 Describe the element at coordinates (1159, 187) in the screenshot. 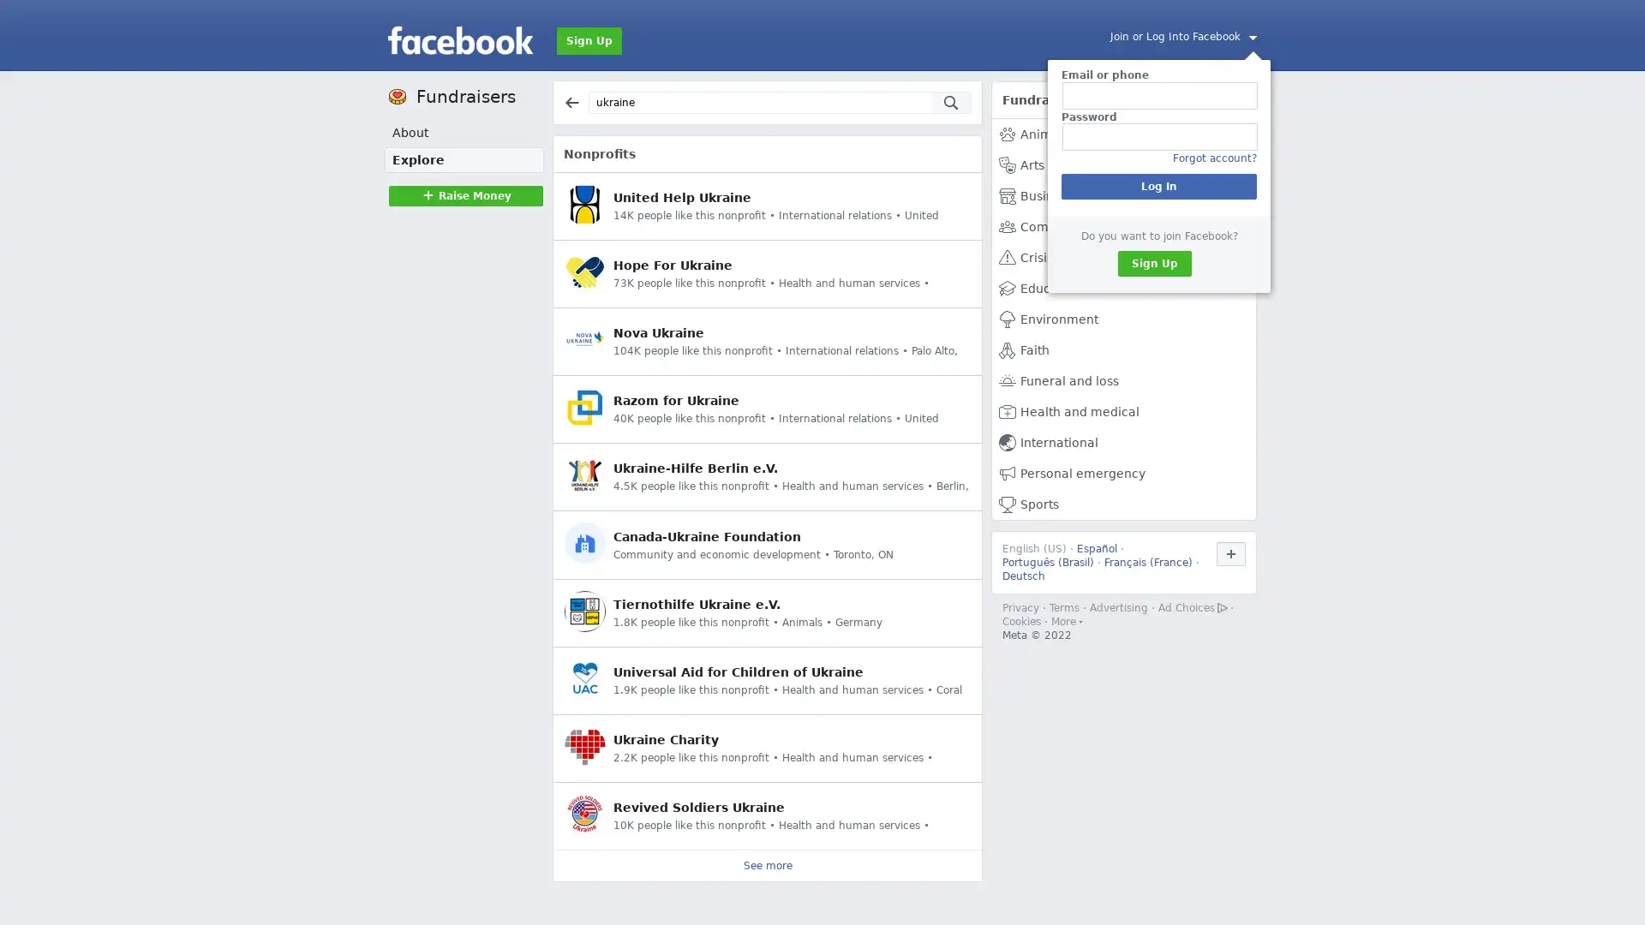

I see `Log In` at that location.